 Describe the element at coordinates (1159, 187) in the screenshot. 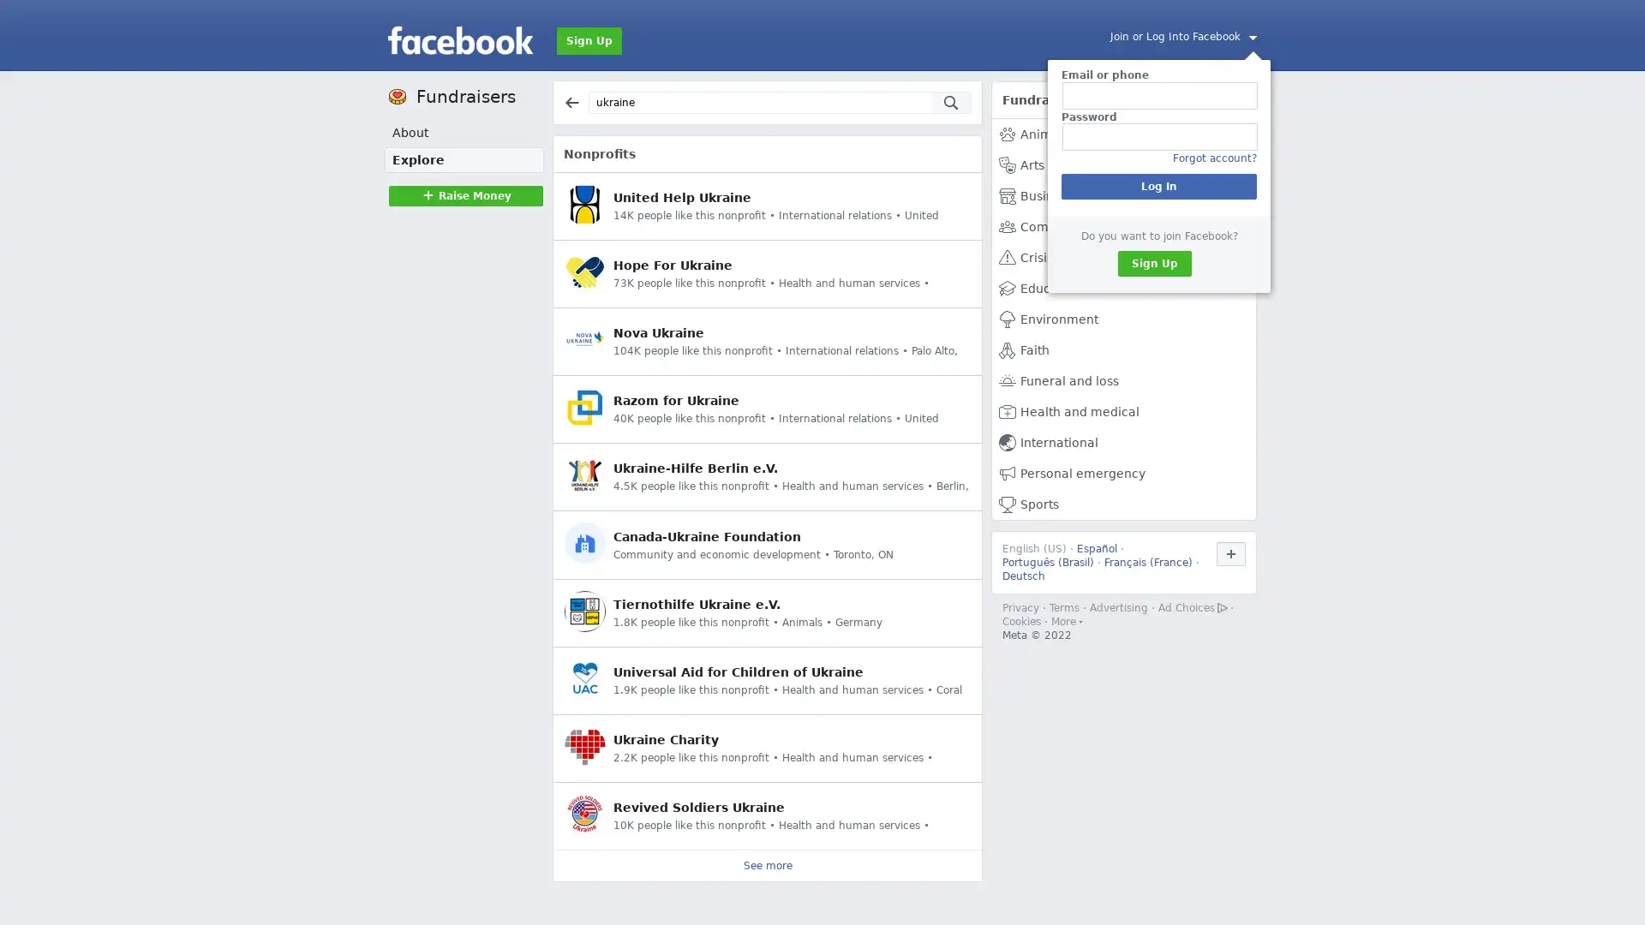

I see `Log In` at that location.